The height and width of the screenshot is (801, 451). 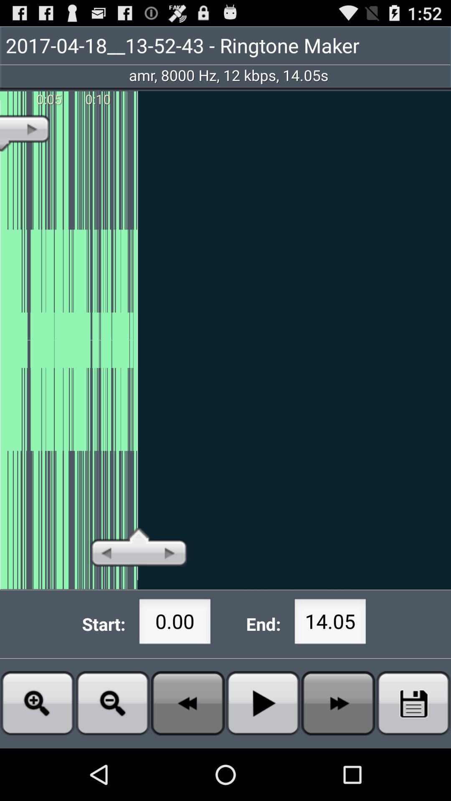 I want to click on the av_rewind icon, so click(x=188, y=753).